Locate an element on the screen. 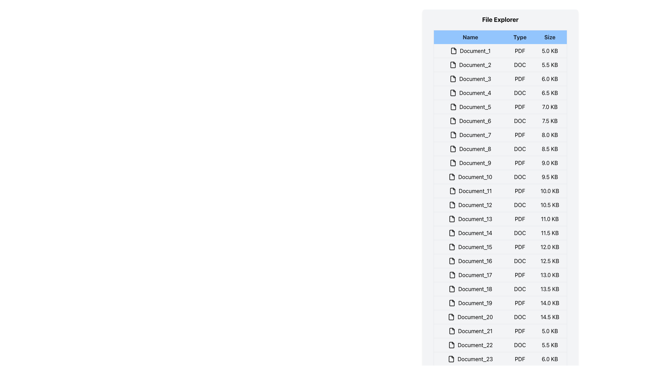  the document file entry icon for 'Document_20' is located at coordinates (451, 317).